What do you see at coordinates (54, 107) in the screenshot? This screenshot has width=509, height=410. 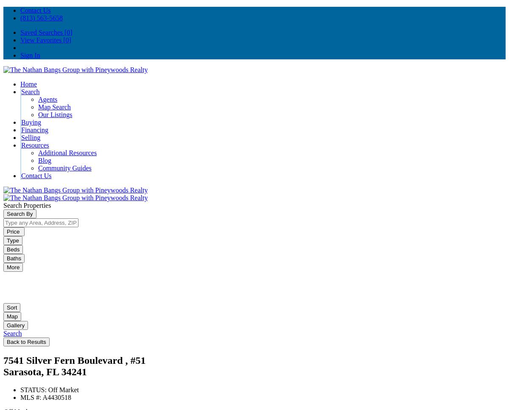 I see `'Map Search'` at bounding box center [54, 107].